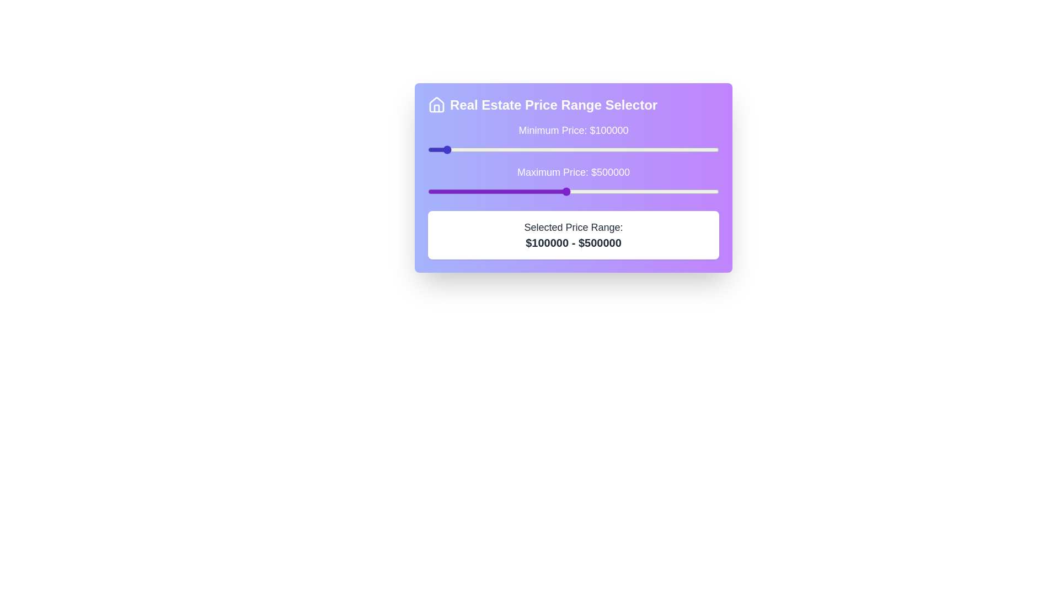  What do you see at coordinates (661, 150) in the screenshot?
I see `the minimum price slider to 812496 dollars` at bounding box center [661, 150].